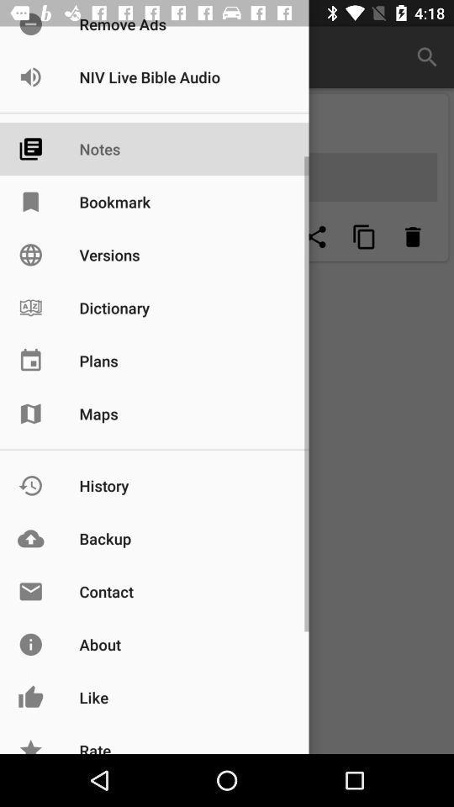  Describe the element at coordinates (412, 236) in the screenshot. I see `delete option` at that location.